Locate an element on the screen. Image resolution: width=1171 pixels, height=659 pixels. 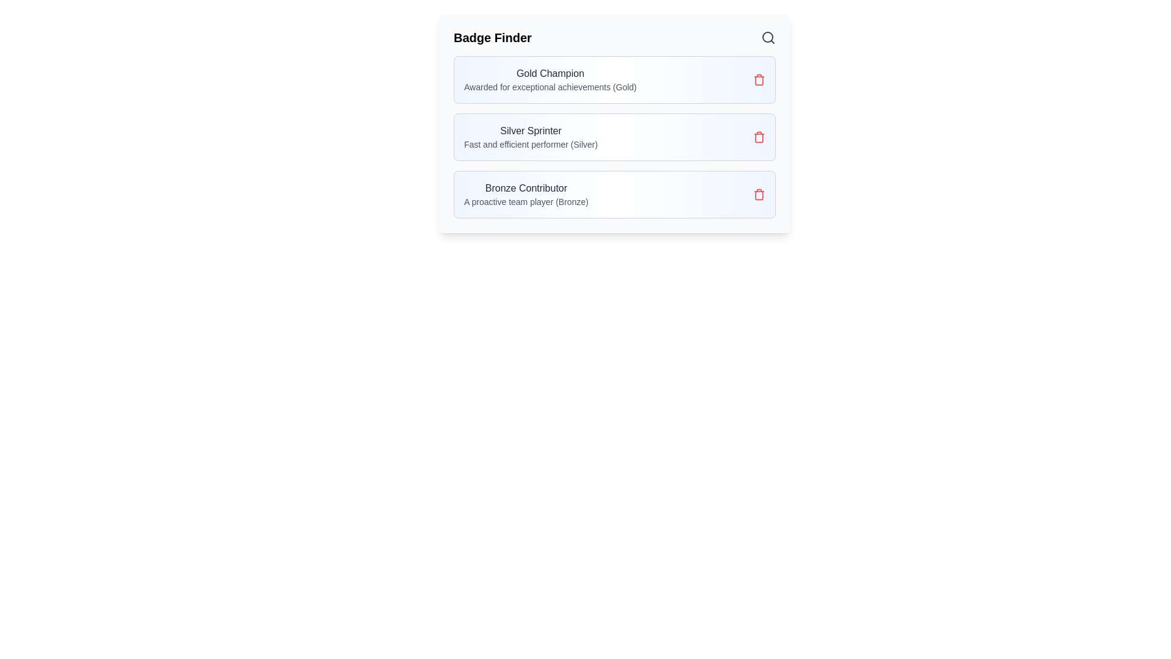
the 'Silver Sprinter' Text Display Block, which features a bold title and a short description, situated between the 'Gold Champion' and 'Bronze Contributor' entries is located at coordinates (531, 137).